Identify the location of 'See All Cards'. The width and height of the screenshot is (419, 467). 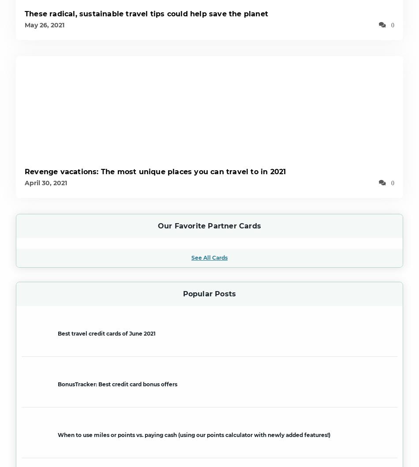
(209, 257).